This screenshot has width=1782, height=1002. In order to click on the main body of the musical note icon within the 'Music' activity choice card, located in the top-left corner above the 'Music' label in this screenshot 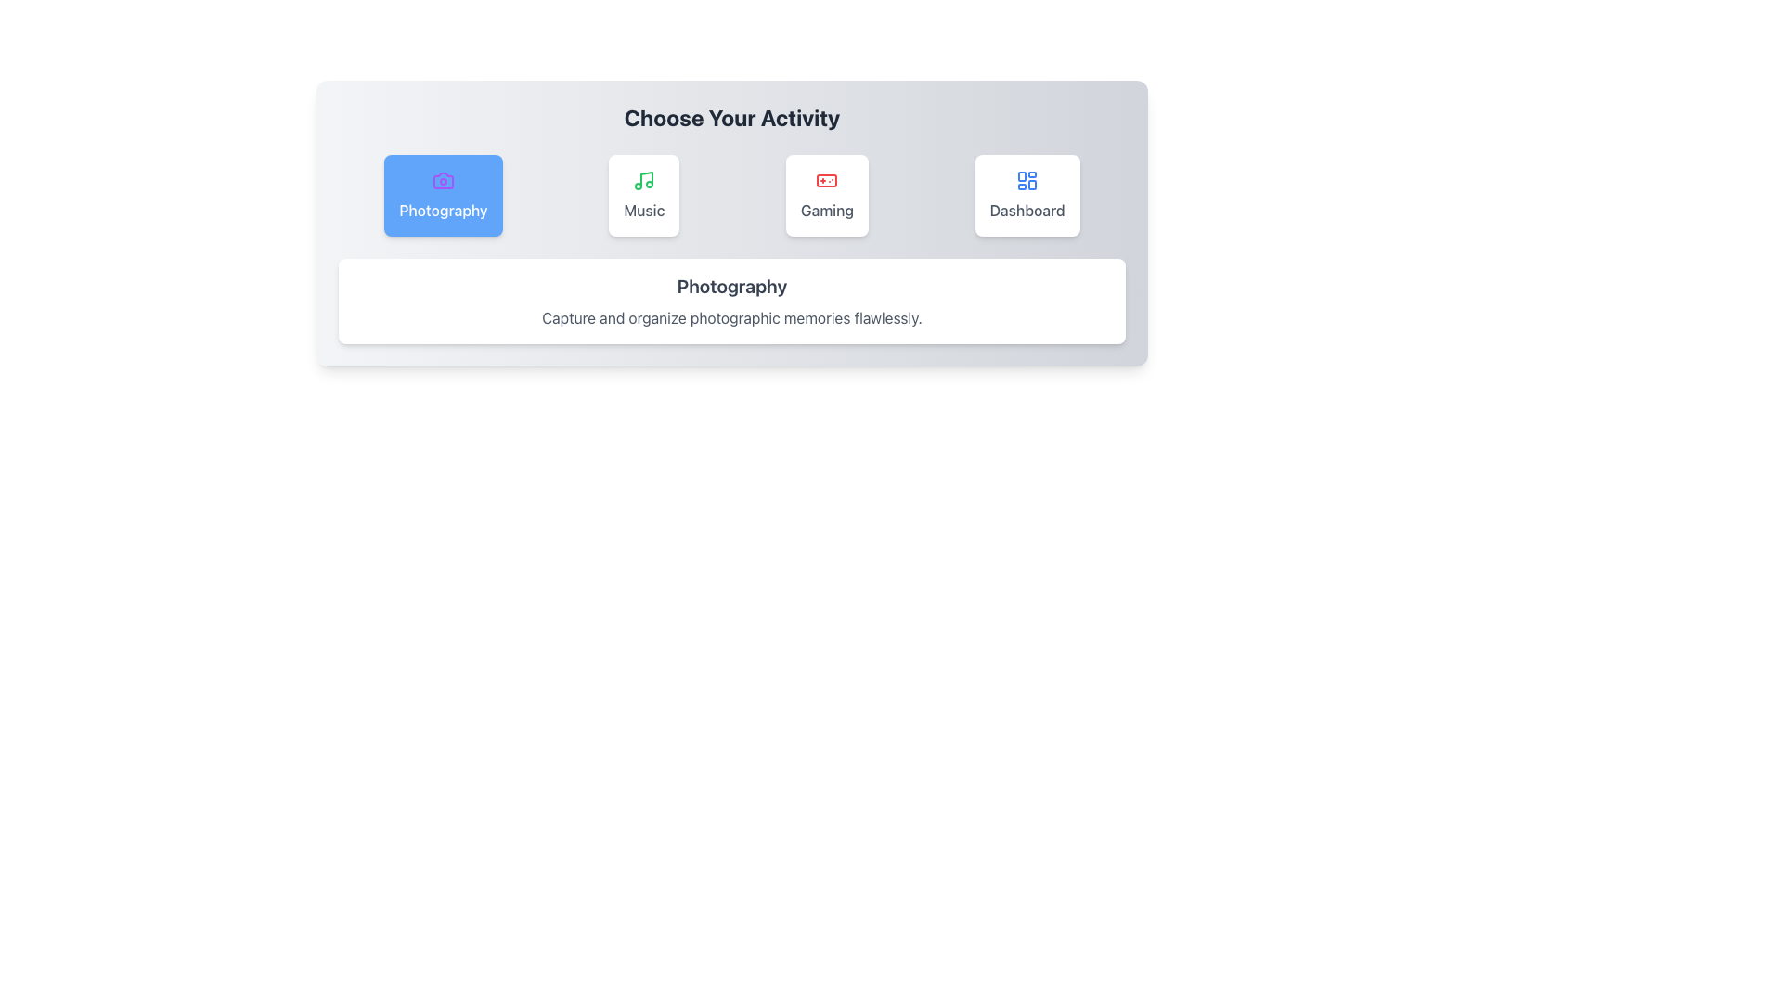, I will do `click(647, 179)`.